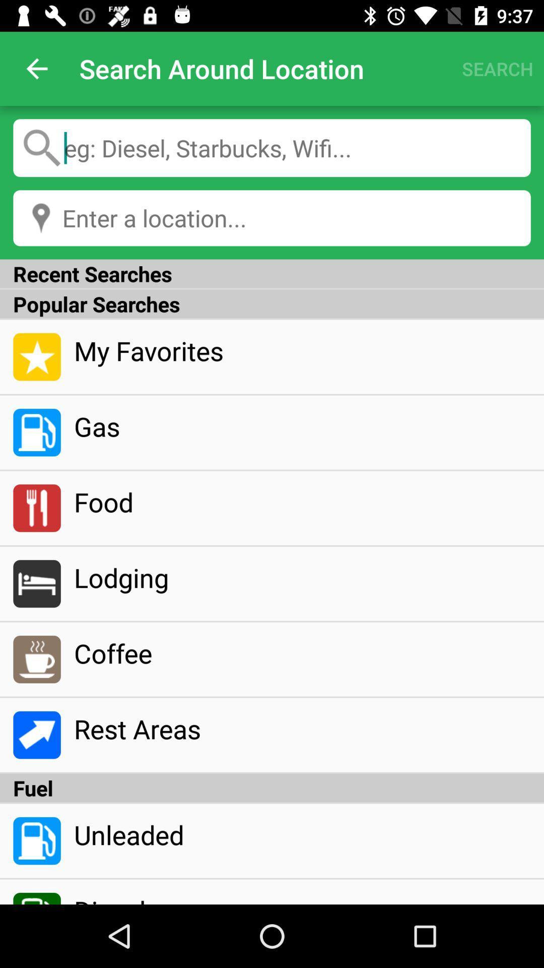 The image size is (544, 968). I want to click on the icon at the top left corner, so click(36, 68).